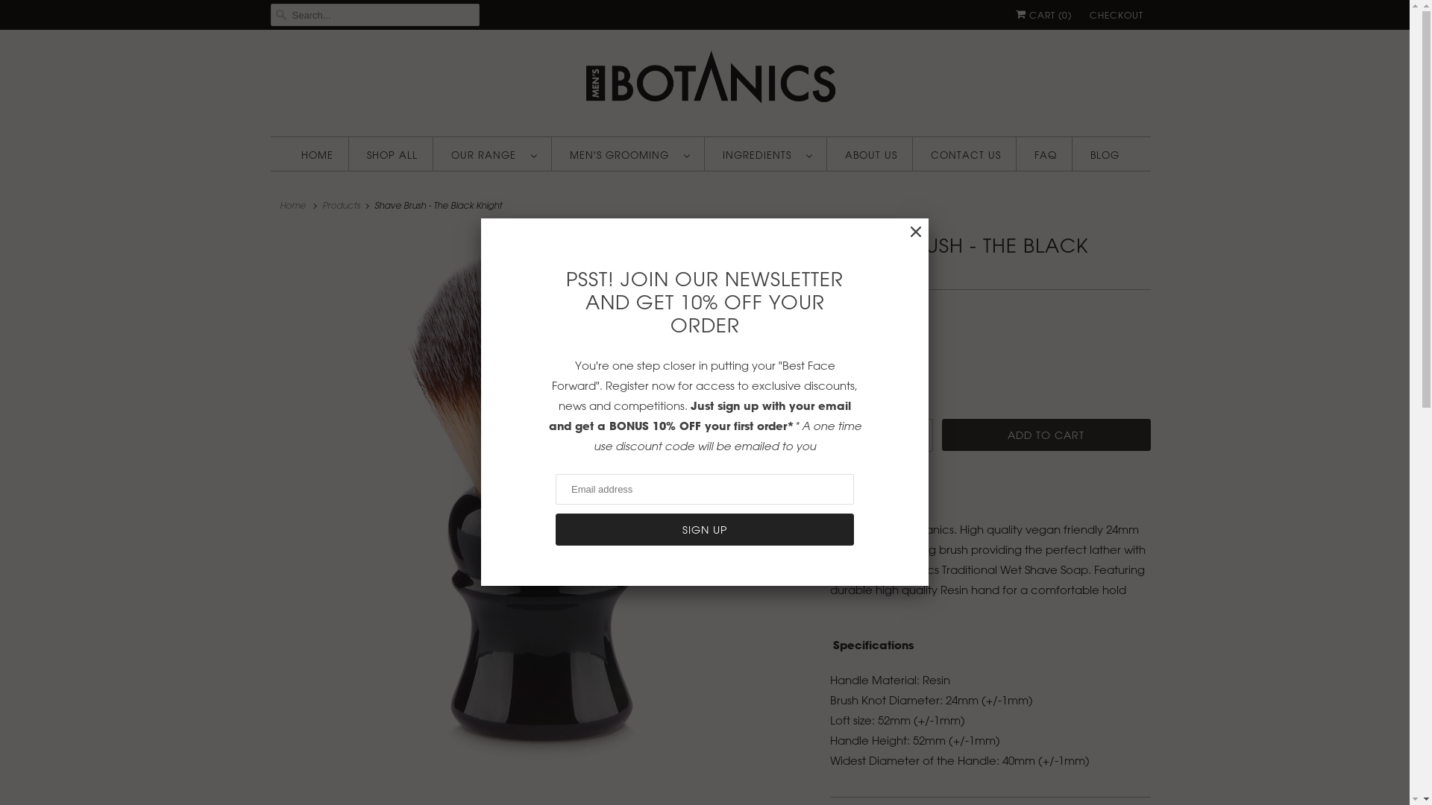 Image resolution: width=1432 pixels, height=805 pixels. I want to click on 'Products', so click(340, 204).